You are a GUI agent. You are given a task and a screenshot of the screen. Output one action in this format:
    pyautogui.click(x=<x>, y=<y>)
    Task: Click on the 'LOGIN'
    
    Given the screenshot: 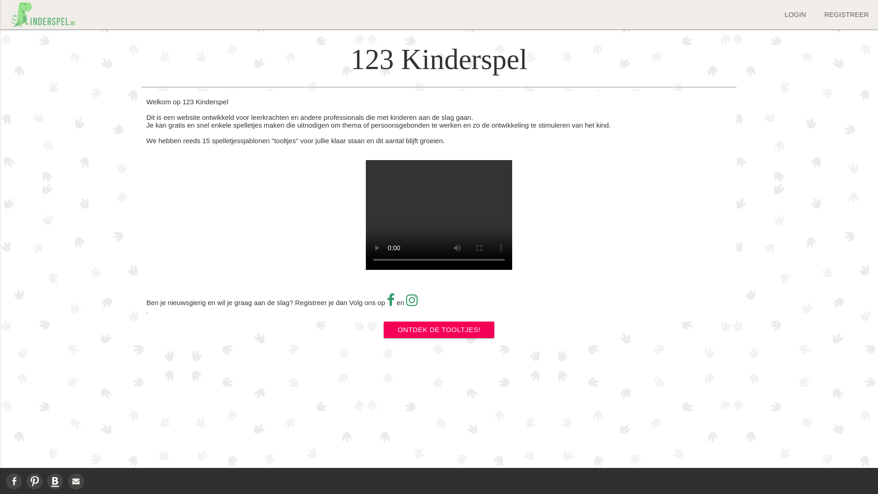 What is the action you would take?
    pyautogui.click(x=795, y=14)
    